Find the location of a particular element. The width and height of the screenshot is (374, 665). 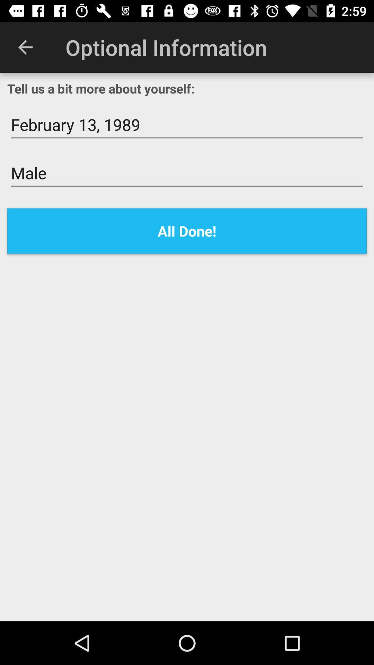

item above the tell us a item is located at coordinates (25, 47).